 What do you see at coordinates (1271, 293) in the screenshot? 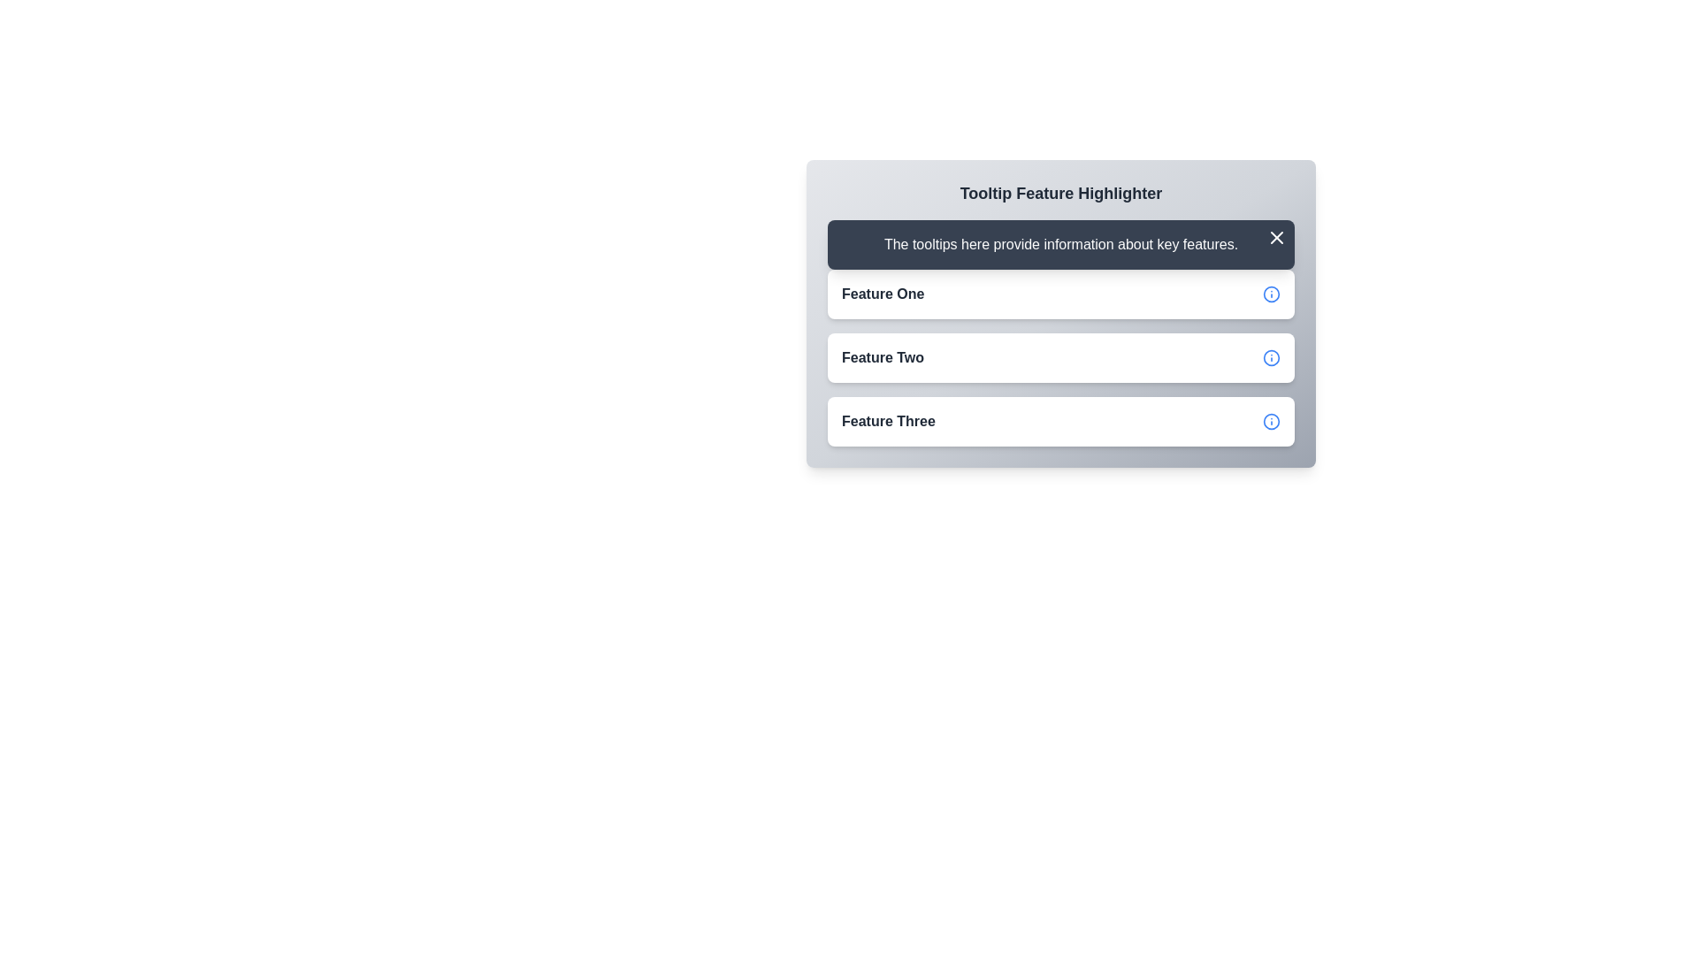
I see `the tooltip icon button located at the far right of the 'Feature One' section` at bounding box center [1271, 293].